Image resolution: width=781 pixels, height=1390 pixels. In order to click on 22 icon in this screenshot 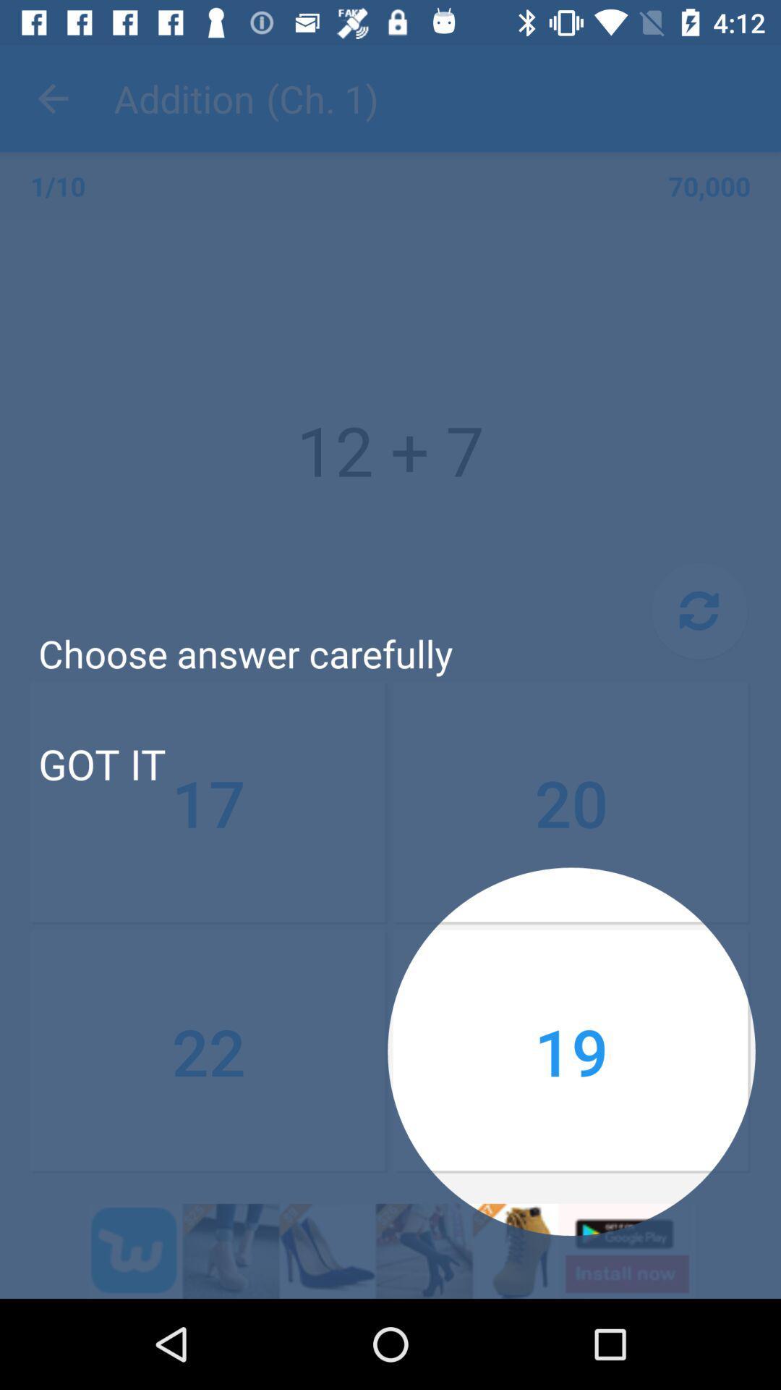, I will do `click(209, 1051)`.